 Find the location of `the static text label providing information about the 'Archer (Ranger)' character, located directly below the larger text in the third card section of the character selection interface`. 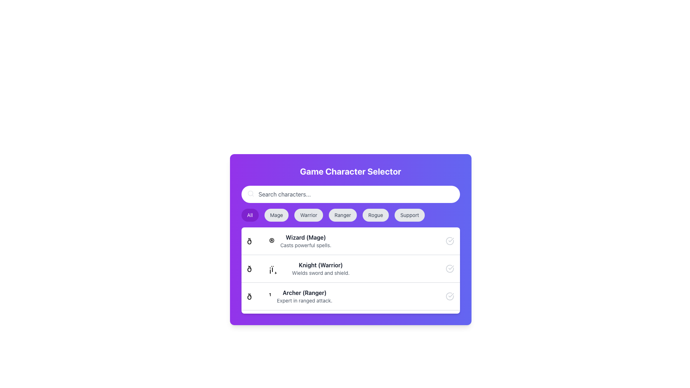

the static text label providing information about the 'Archer (Ranger)' character, located directly below the larger text in the third card section of the character selection interface is located at coordinates (304, 301).